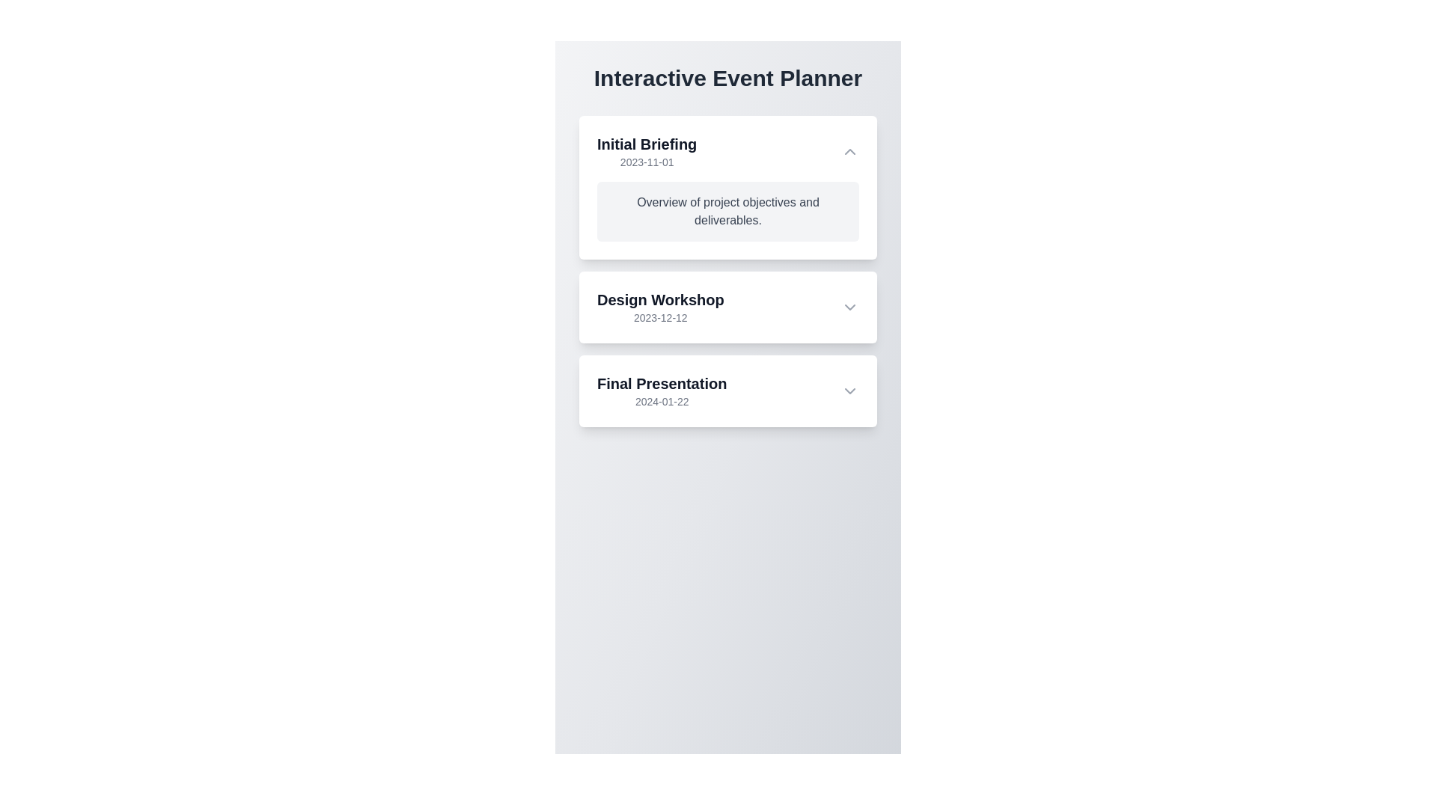  What do you see at coordinates (647, 144) in the screenshot?
I see `Text Label that serves as the heading for the first card in a vertical list of cards` at bounding box center [647, 144].